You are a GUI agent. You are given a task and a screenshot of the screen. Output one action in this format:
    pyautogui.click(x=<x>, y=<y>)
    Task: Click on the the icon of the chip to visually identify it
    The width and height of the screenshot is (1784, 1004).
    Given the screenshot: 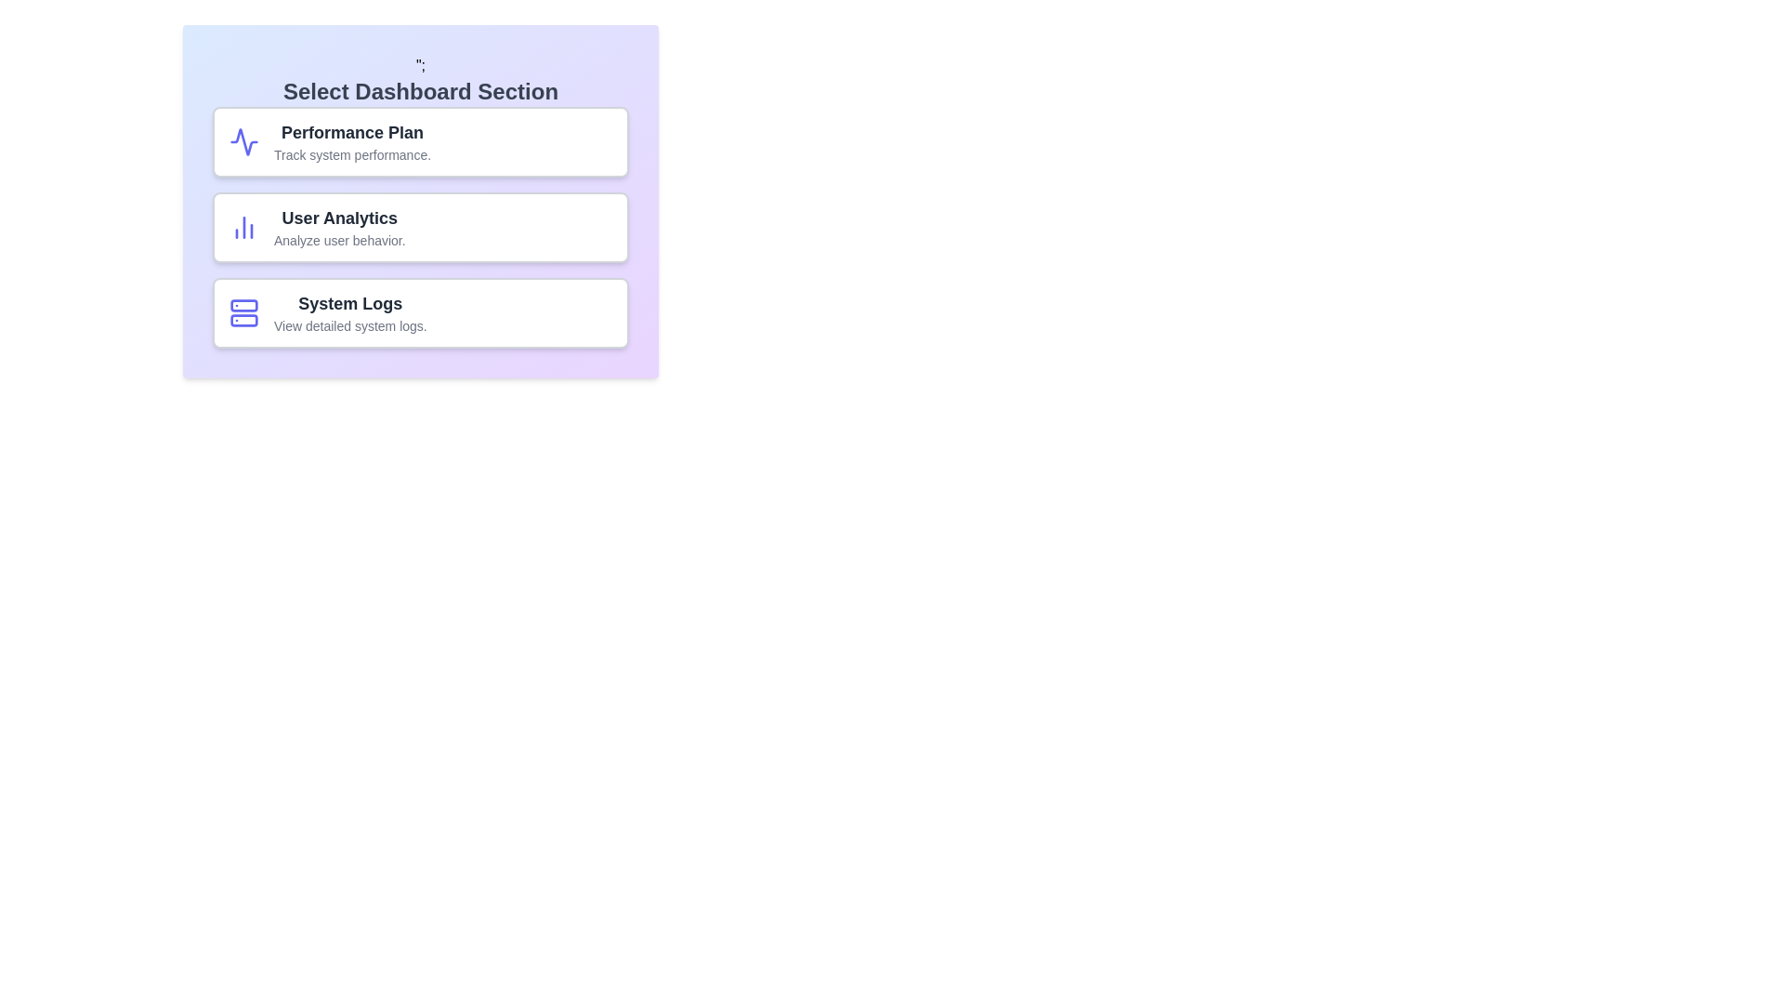 What is the action you would take?
    pyautogui.click(x=243, y=141)
    